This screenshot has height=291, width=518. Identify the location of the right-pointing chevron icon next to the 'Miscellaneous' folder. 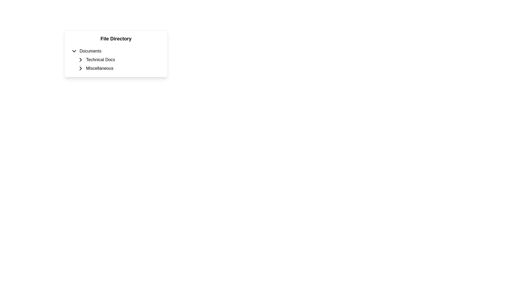
(80, 68).